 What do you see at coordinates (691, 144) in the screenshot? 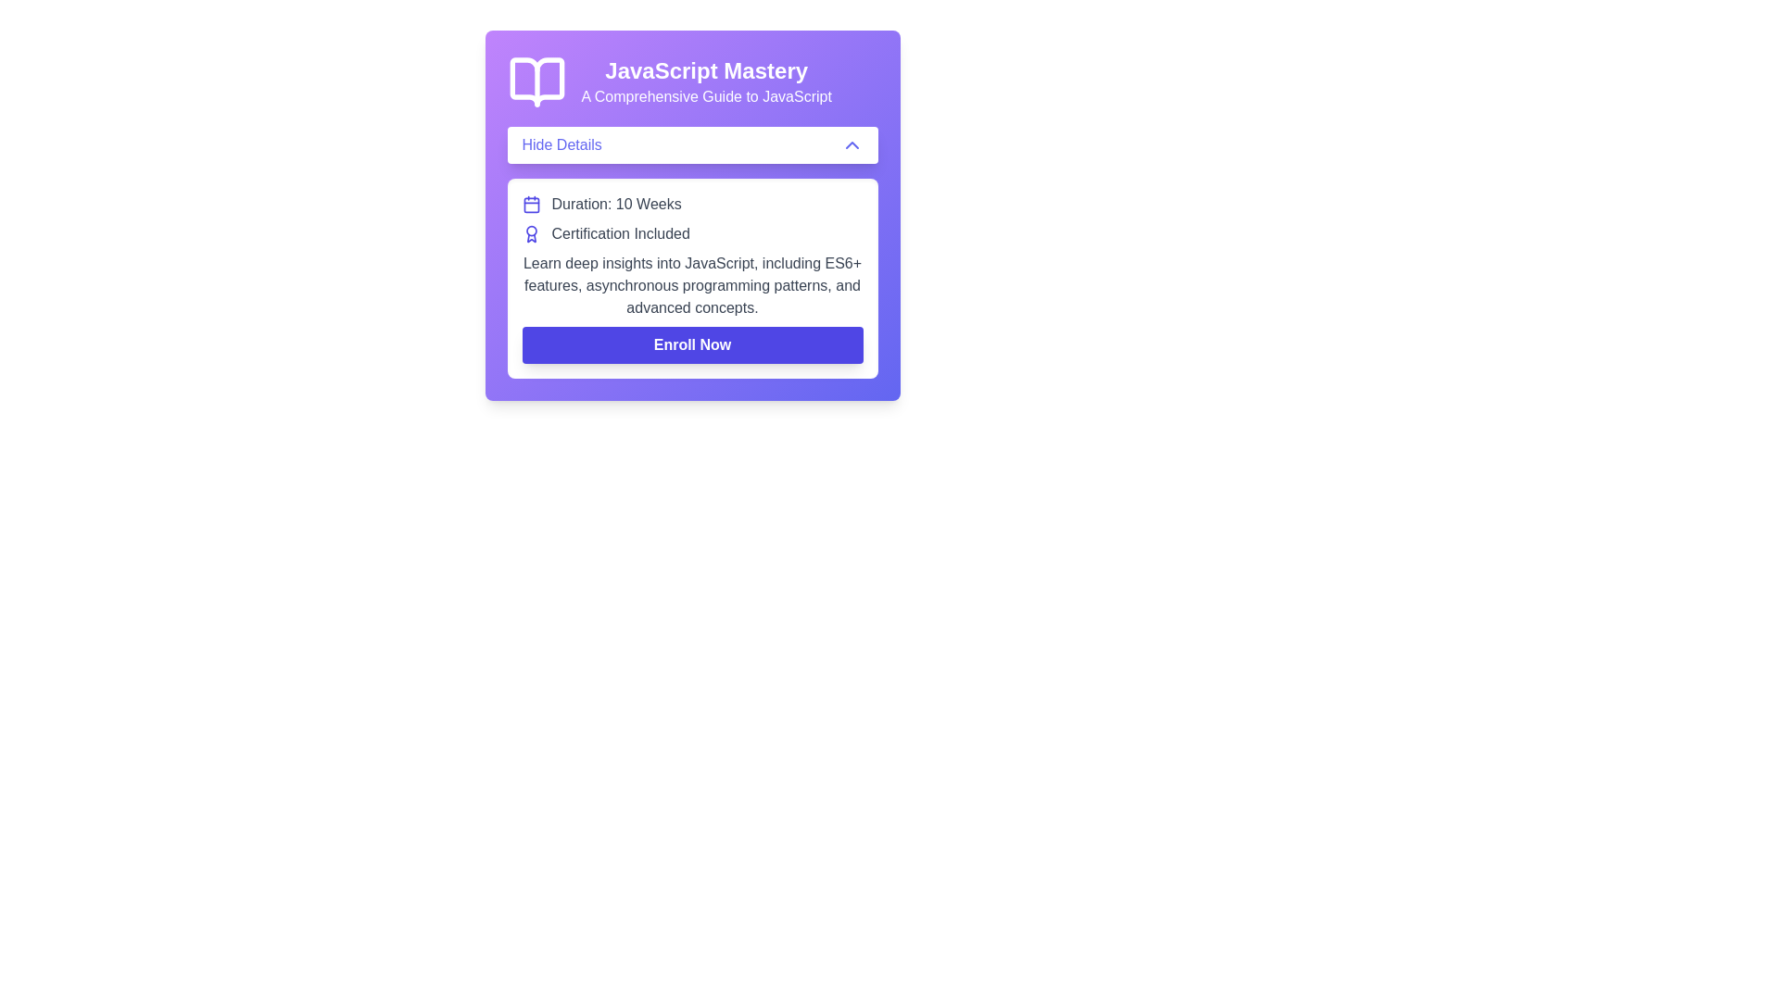
I see `the toggle button located in the 'JavaScript Mastery' card` at bounding box center [691, 144].